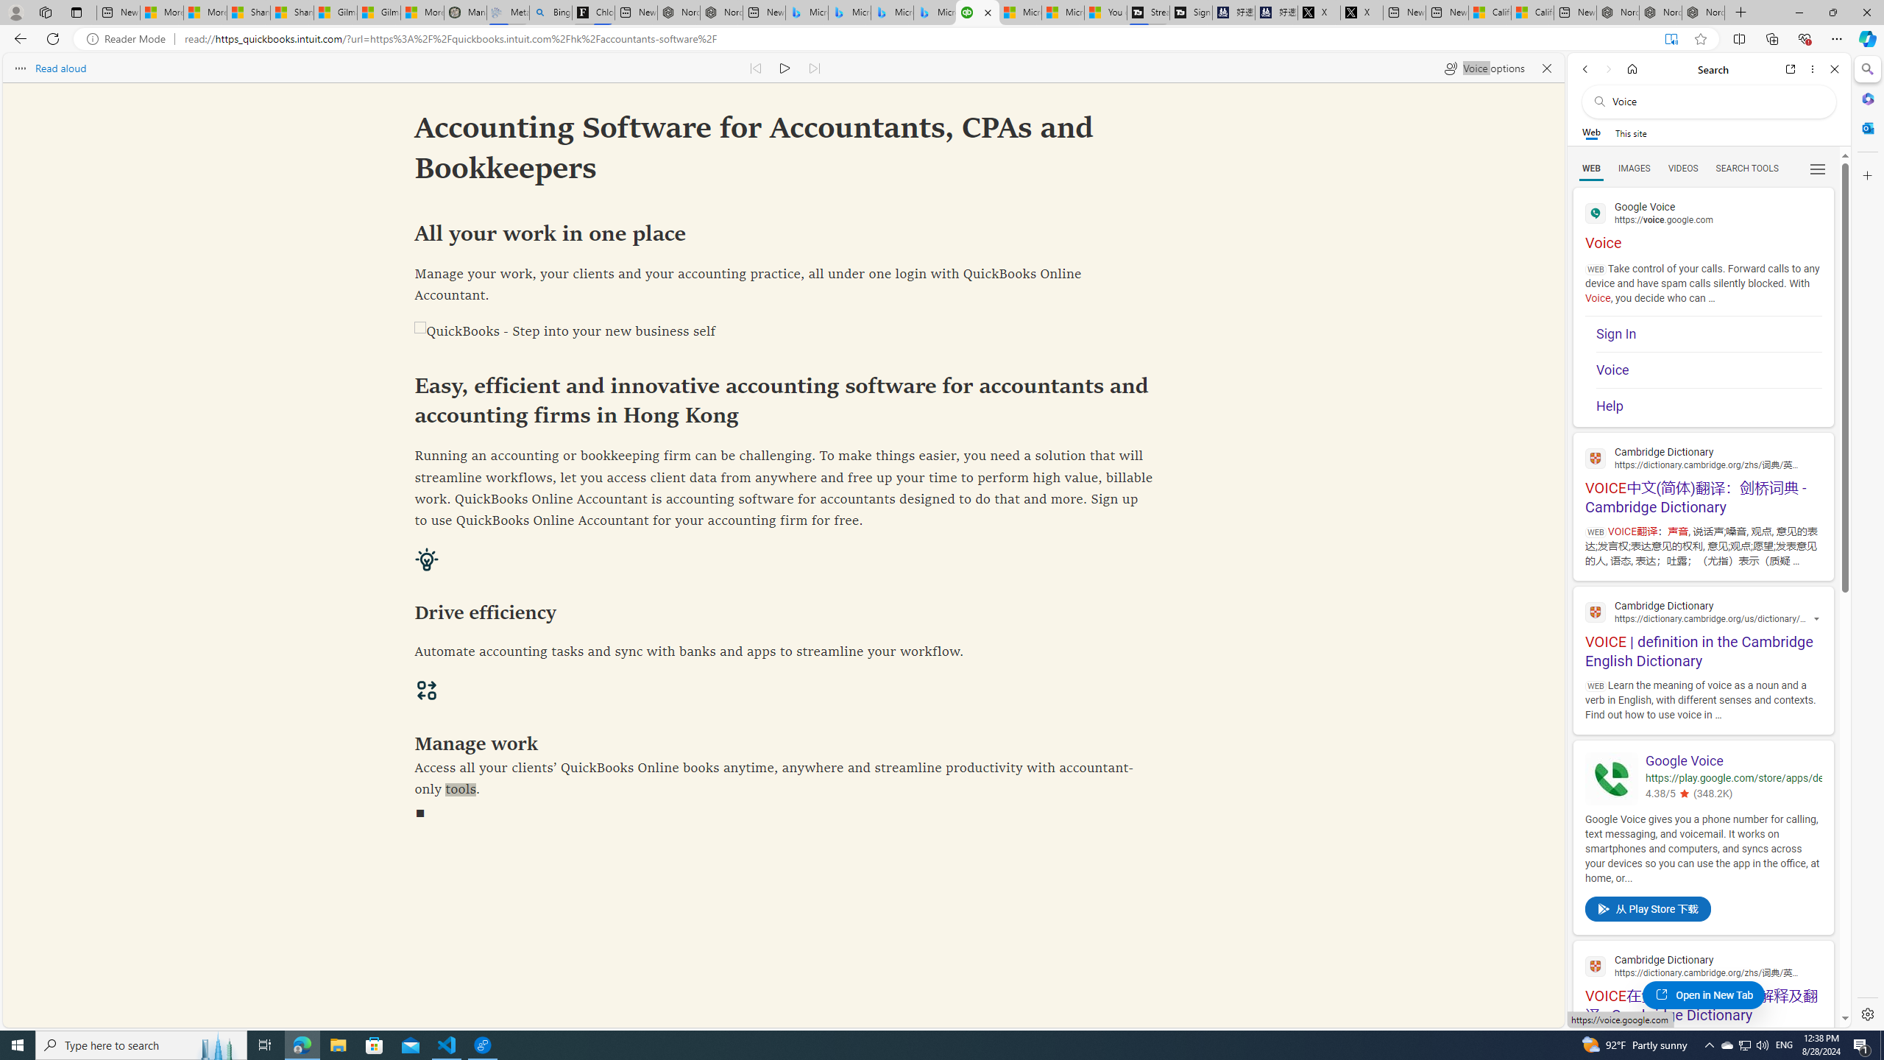 The image size is (1884, 1060). What do you see at coordinates (1733, 795) in the screenshot?
I see `'4.38/5(348.2K)'` at bounding box center [1733, 795].